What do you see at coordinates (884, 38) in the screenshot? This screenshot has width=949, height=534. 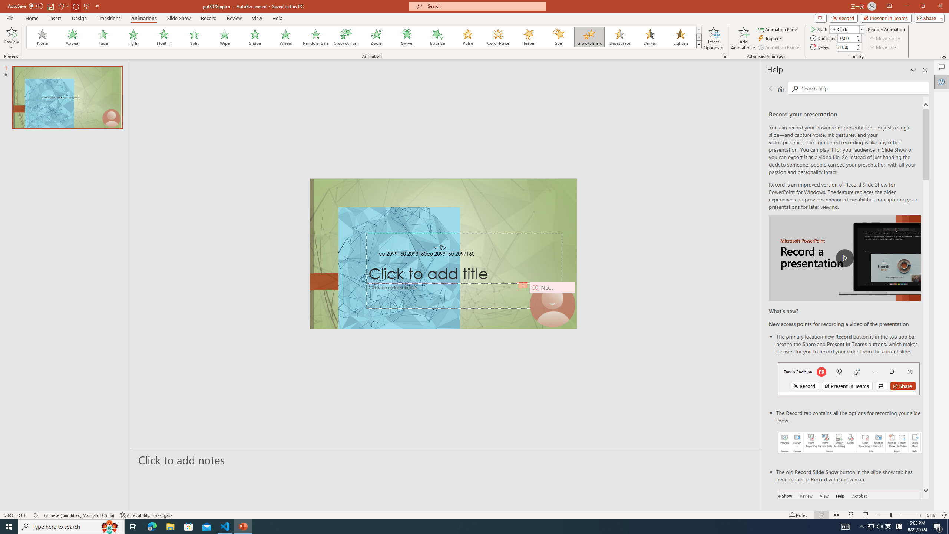 I see `'Move Earlier'` at bounding box center [884, 38].